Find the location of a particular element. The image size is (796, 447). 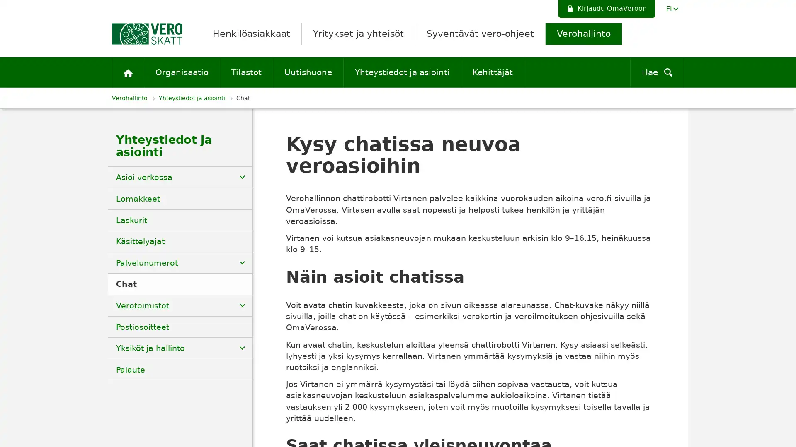

Avaa keskusteluikkuna is located at coordinates (784, 438).